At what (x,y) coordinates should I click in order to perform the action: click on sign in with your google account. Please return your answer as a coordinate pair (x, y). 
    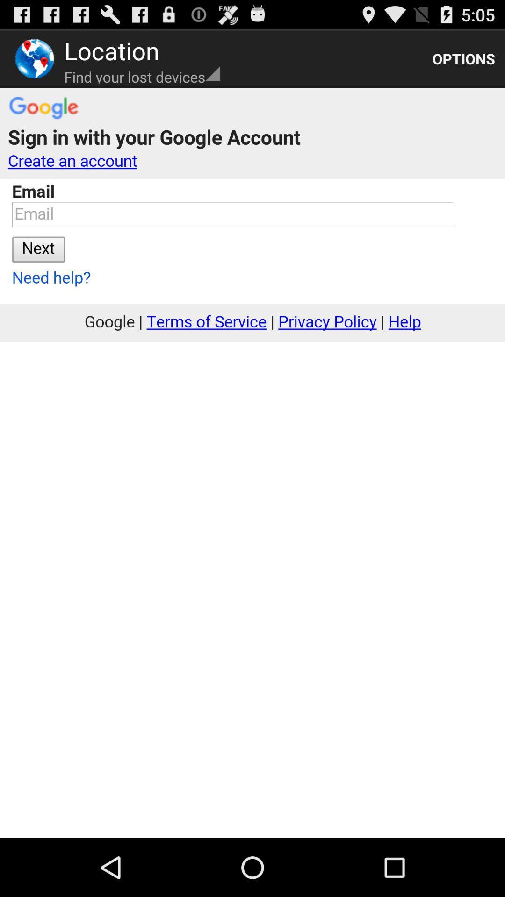
    Looking at the image, I should click on (252, 463).